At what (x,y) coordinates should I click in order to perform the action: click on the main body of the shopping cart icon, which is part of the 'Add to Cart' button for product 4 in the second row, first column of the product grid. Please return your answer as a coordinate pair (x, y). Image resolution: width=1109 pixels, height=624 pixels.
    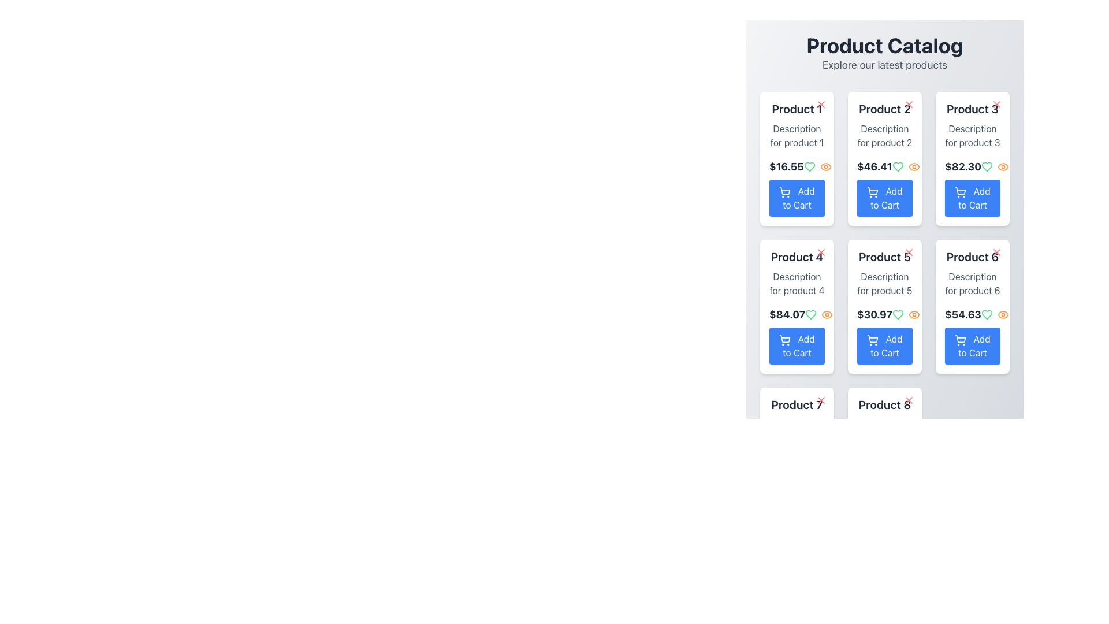
    Looking at the image, I should click on (785, 338).